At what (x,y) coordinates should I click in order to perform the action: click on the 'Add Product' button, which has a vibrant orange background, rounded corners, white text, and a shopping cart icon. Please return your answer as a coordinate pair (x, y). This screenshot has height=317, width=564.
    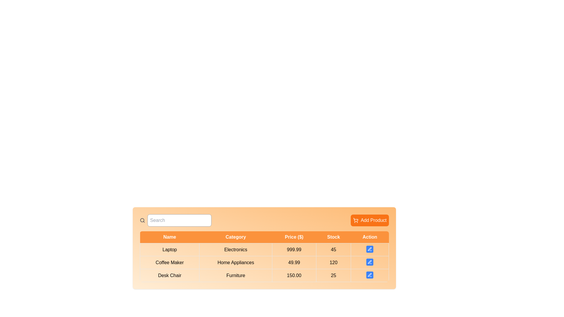
    Looking at the image, I should click on (369, 220).